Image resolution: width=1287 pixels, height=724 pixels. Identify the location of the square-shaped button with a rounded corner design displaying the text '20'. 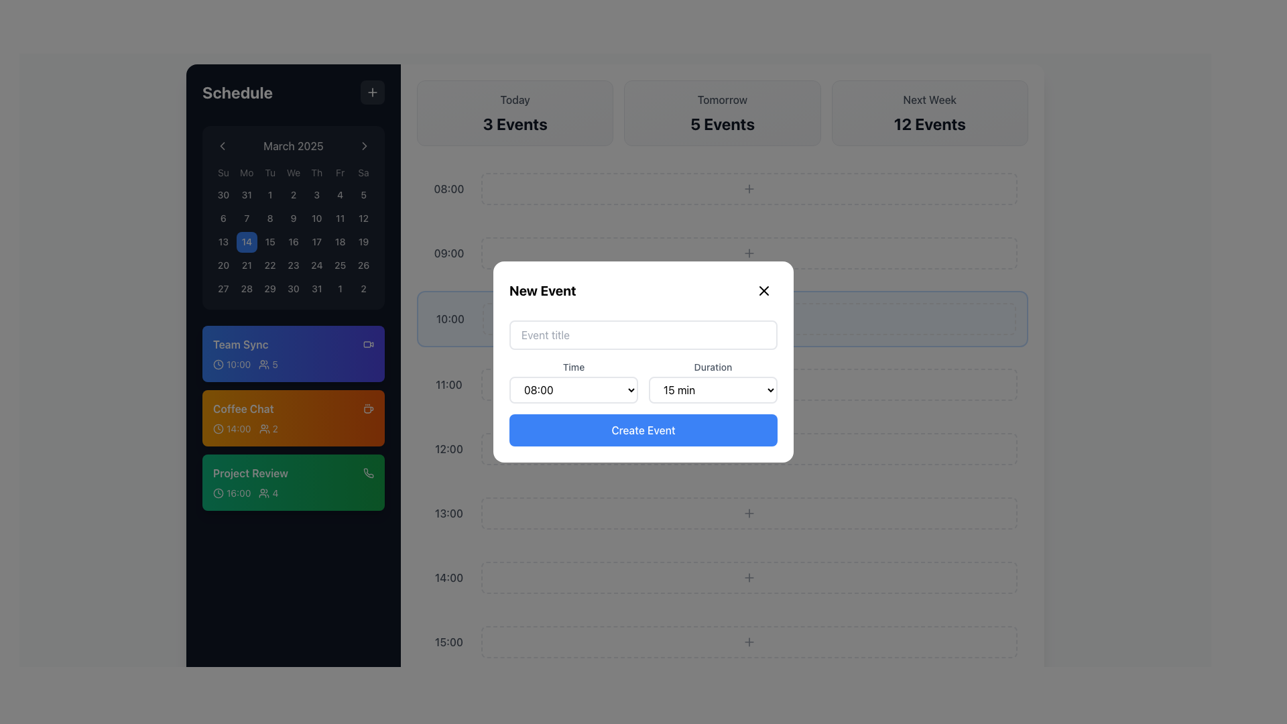
(223, 265).